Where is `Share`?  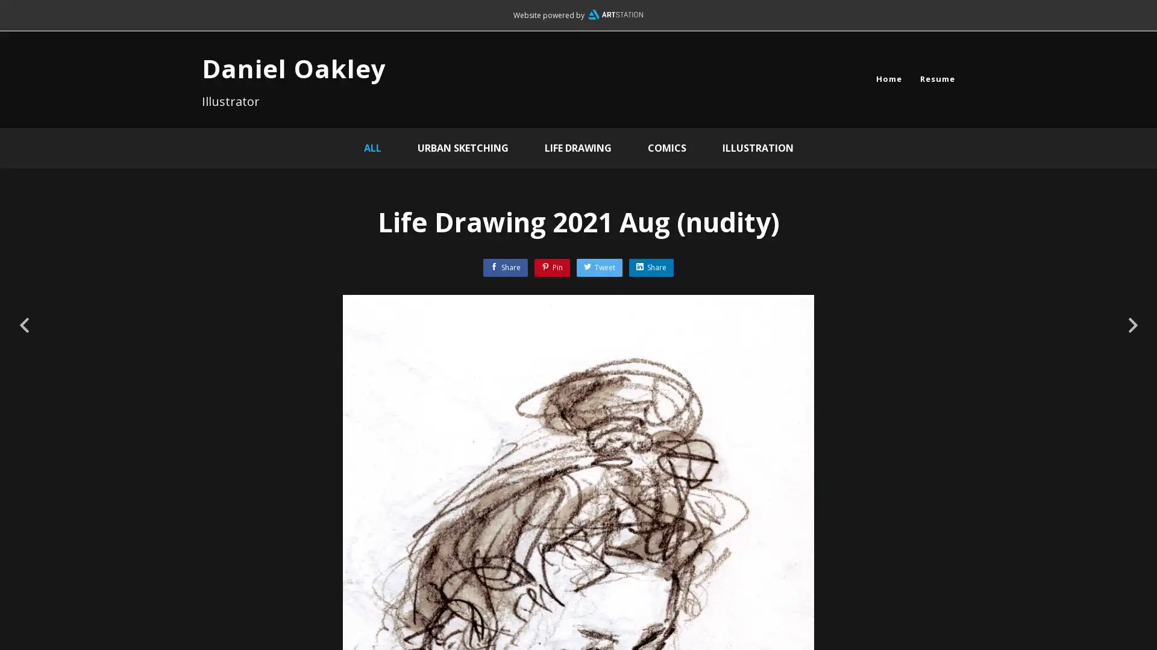
Share is located at coordinates (650, 267).